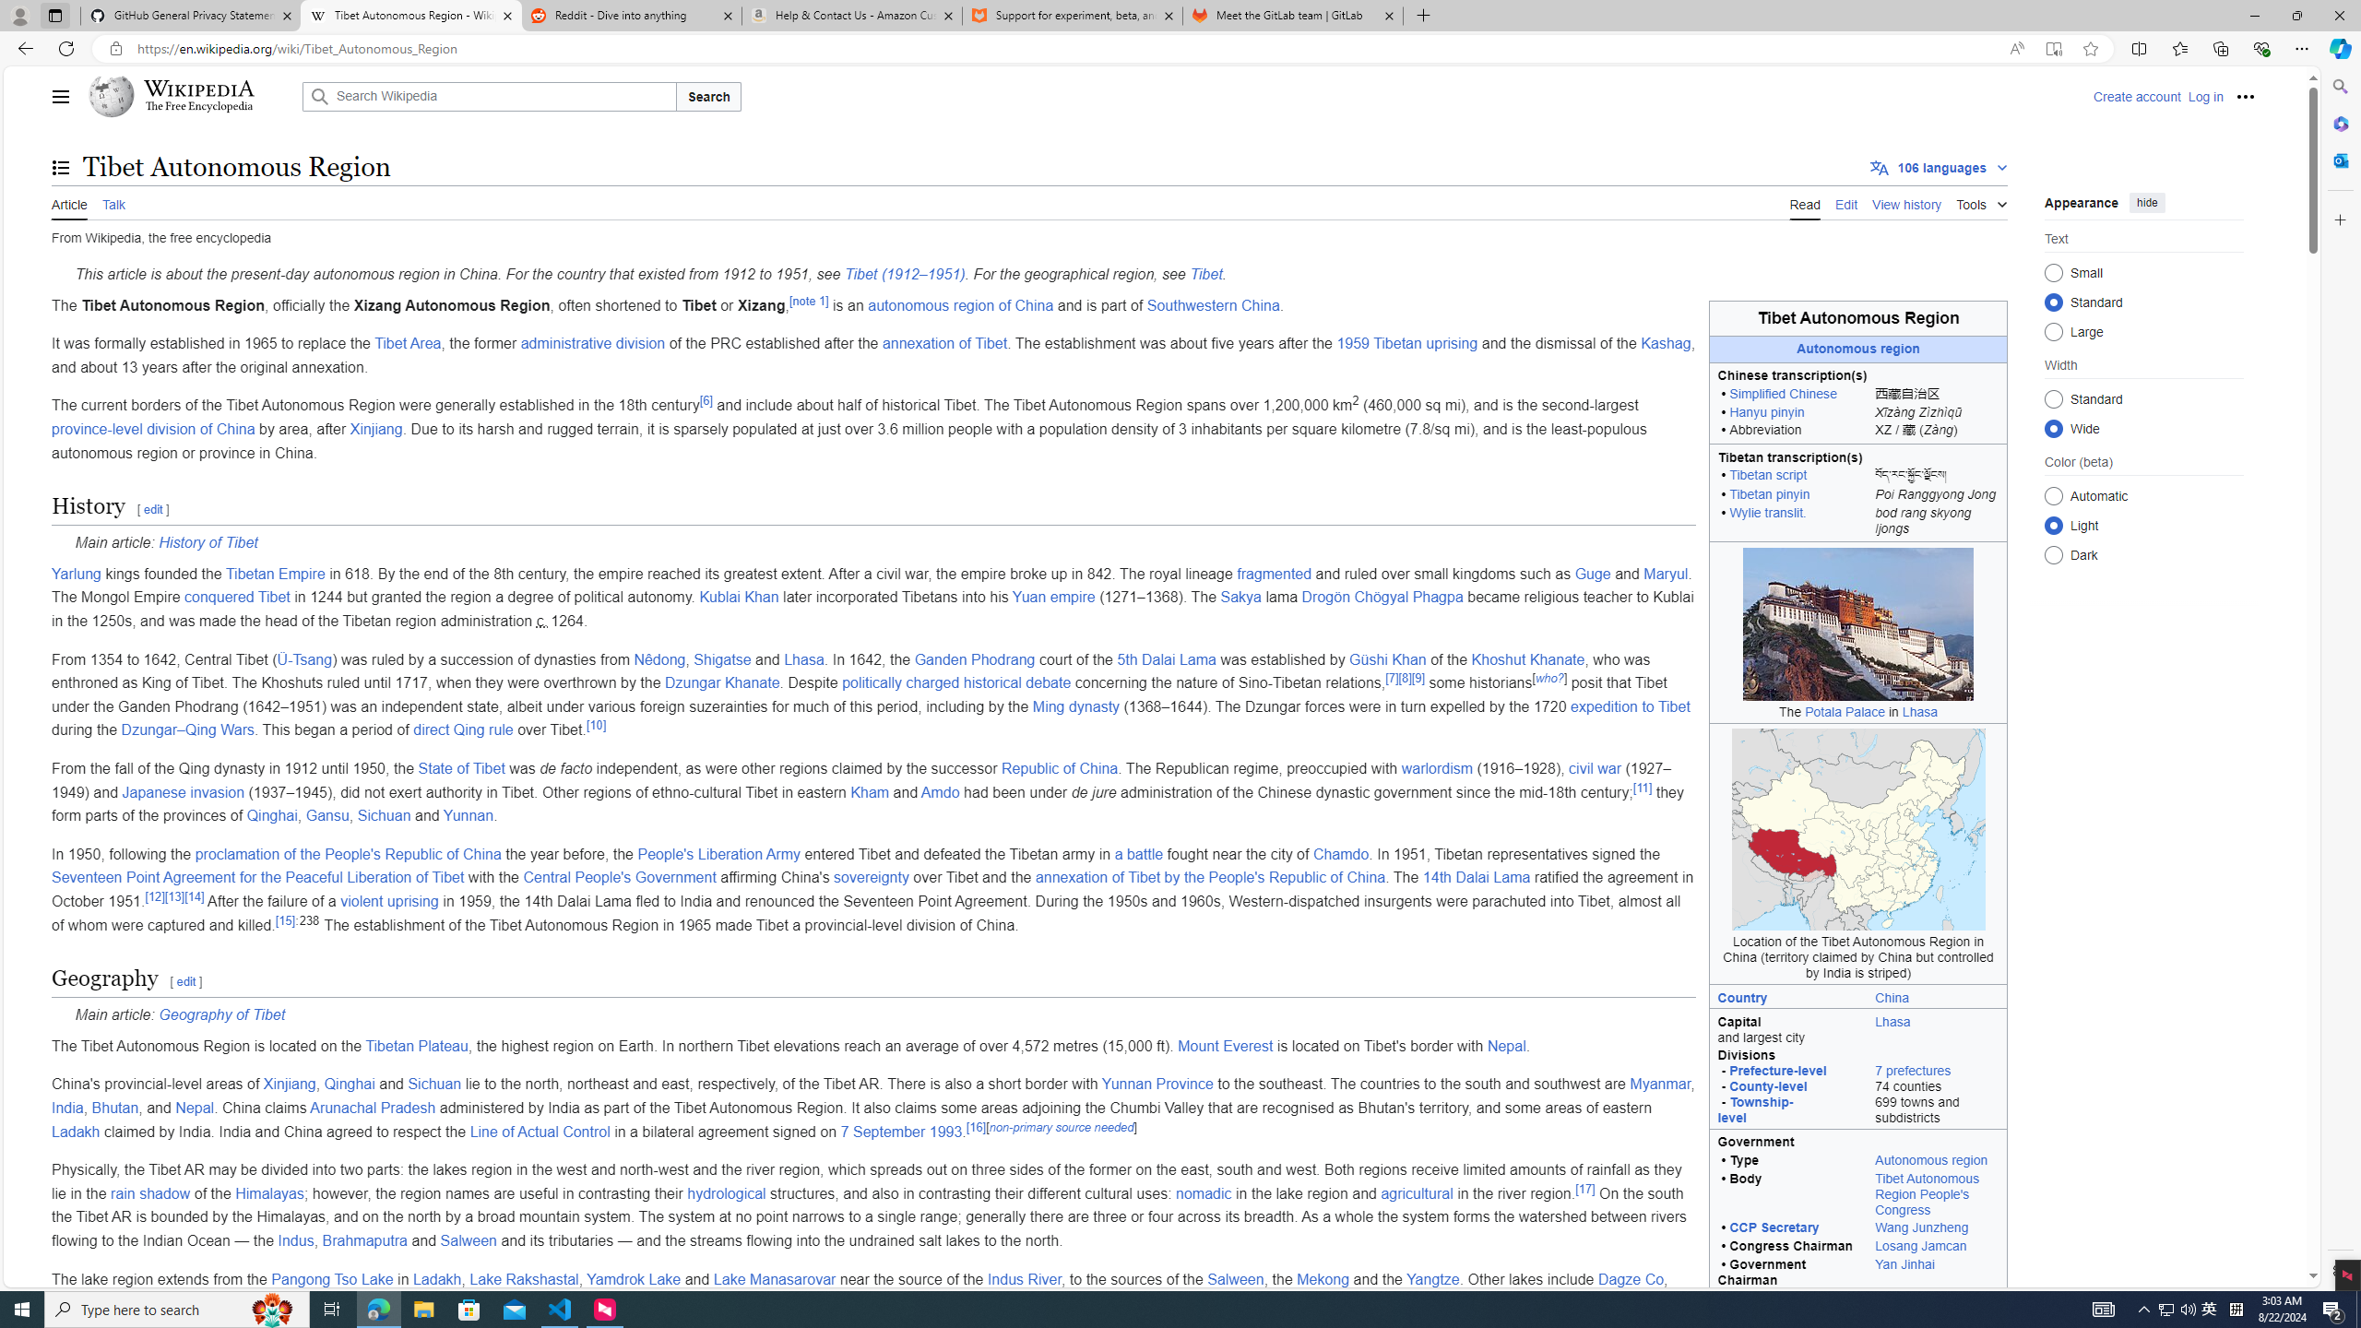  I want to click on 'Prefecture-level', so click(1777, 1070).